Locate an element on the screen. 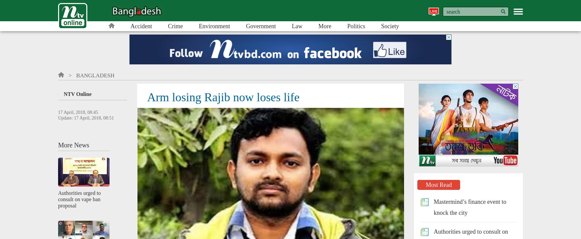 The image size is (581, 239). 'Authorities urged to consult on vape ban proposal' is located at coordinates (79, 199).